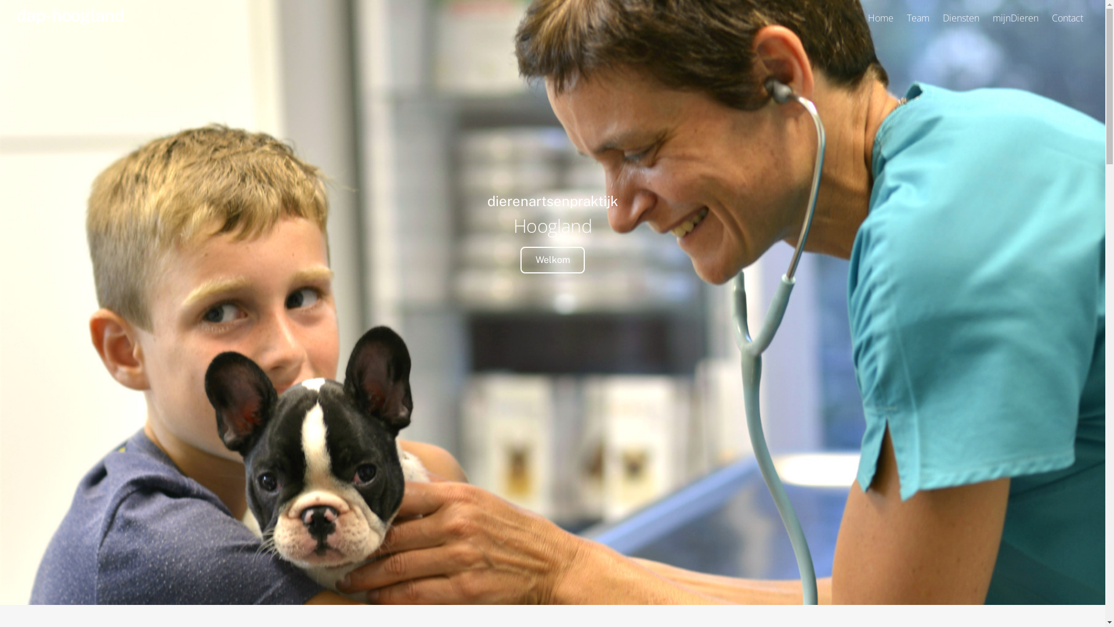 This screenshot has width=1114, height=627. Describe the element at coordinates (987, 17) in the screenshot. I see `'mijnDieren'` at that location.